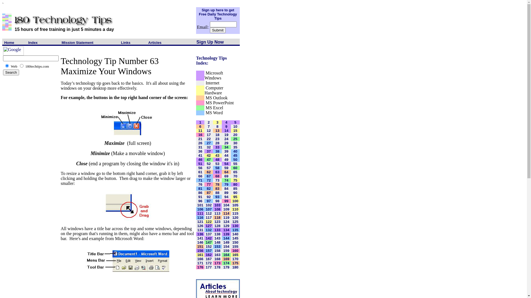 The image size is (531, 298). Describe the element at coordinates (200, 184) in the screenshot. I see `'76'` at that location.